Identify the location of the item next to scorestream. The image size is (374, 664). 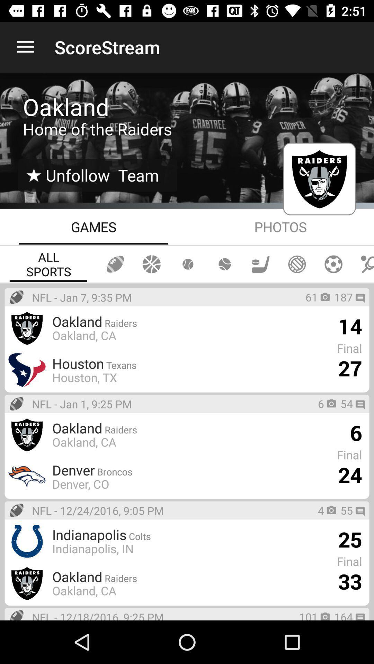
(25, 47).